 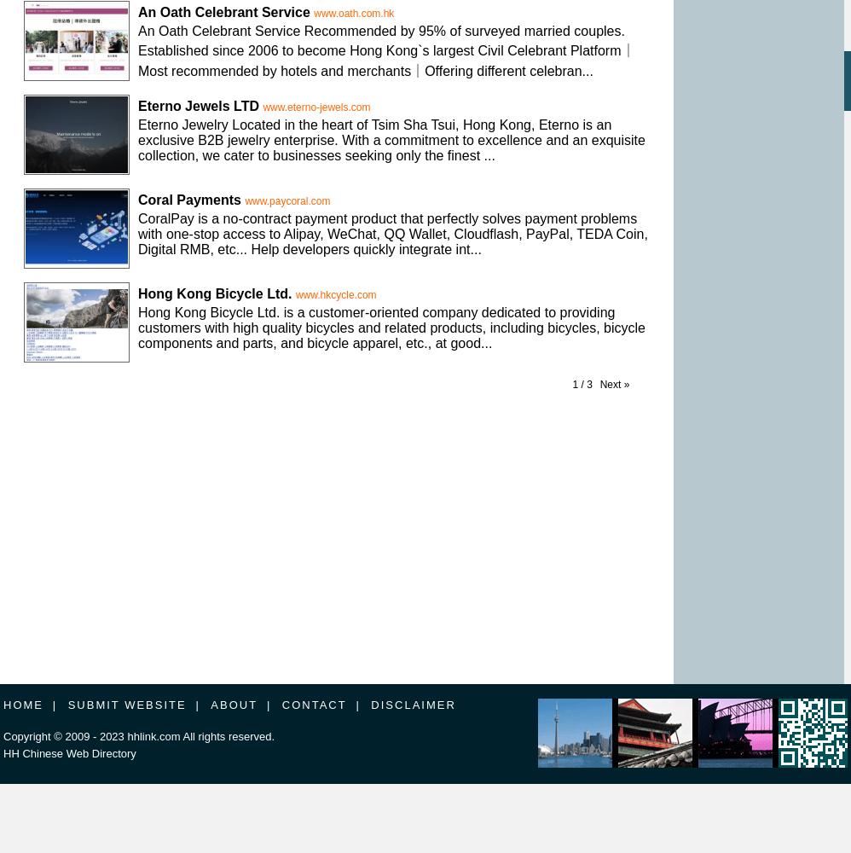 I want to click on 'Copyright © 2009 - 2023 hhlink.com All rights reserved.', so click(x=137, y=735).